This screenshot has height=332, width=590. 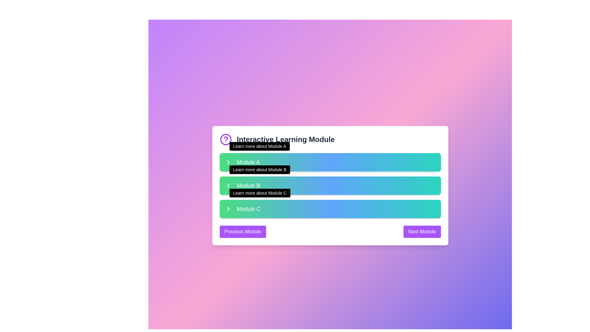 I want to click on the selectable option for Module B in the list of learning modules, so click(x=330, y=185).